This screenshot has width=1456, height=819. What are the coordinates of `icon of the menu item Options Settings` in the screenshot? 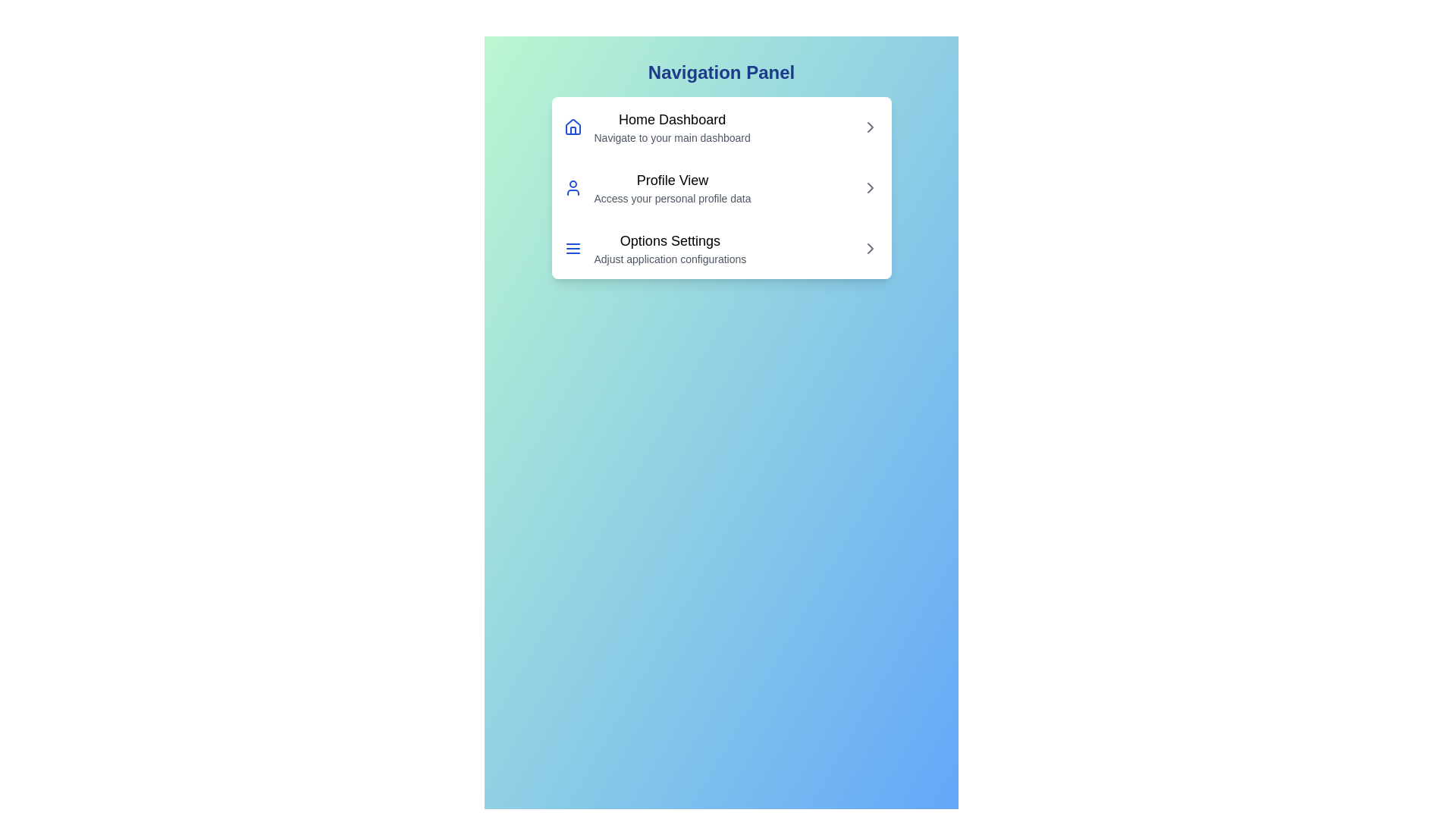 It's located at (572, 247).